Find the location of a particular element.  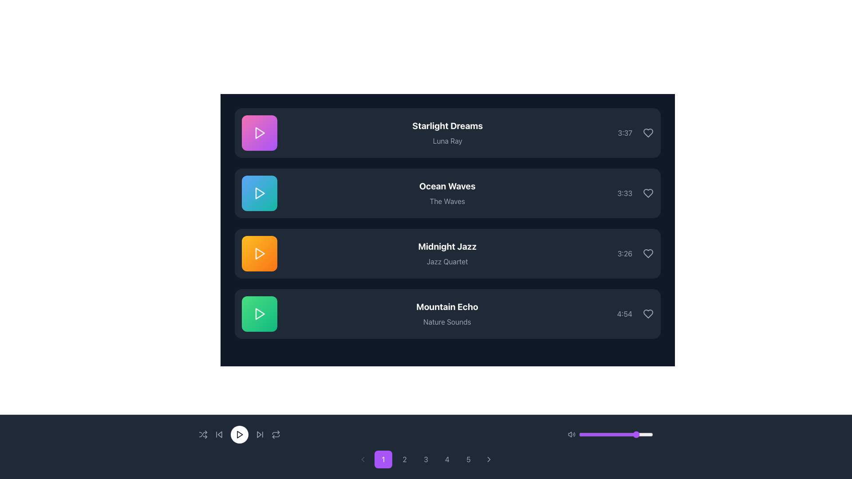

descriptive text label located below 'Midnight Jazz', which provides additional information about the music track is located at coordinates (447, 261).